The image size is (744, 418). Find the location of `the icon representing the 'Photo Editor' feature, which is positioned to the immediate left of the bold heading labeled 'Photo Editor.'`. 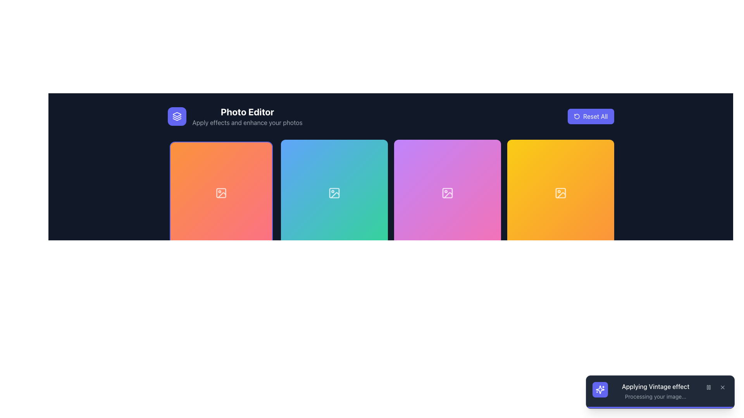

the icon representing the 'Photo Editor' feature, which is positioned to the immediate left of the bold heading labeled 'Photo Editor.' is located at coordinates (176, 116).